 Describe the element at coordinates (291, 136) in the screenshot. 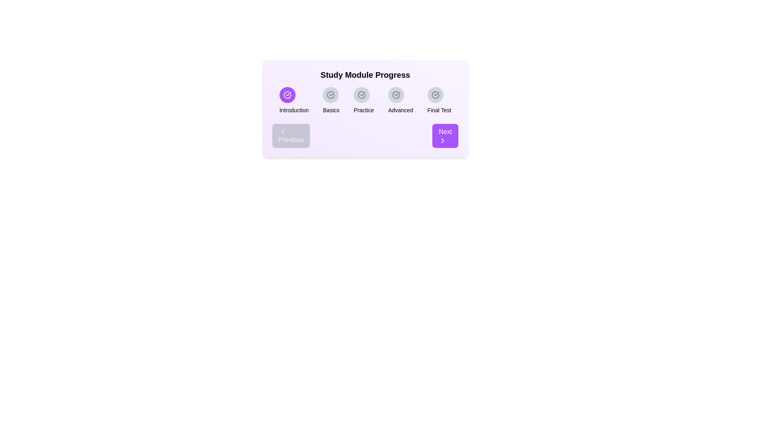

I see `the 'Previous' button located at the bottom-left corner of the main progress tracking interface` at that location.